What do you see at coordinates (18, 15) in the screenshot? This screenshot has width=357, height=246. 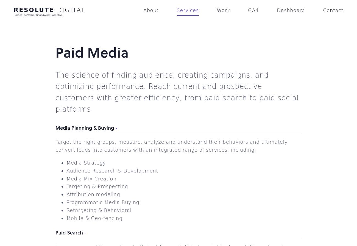 I see `'Part of'` at bounding box center [18, 15].